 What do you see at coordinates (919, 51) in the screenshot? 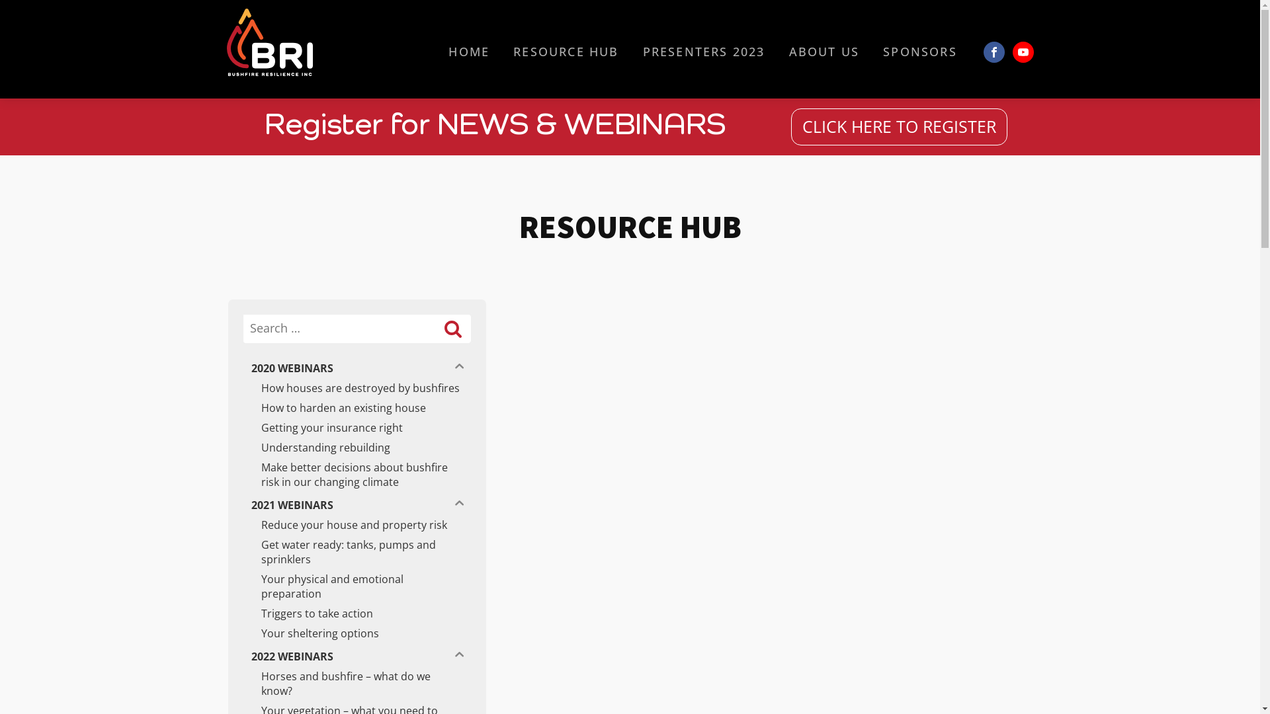
I see `'SPONSORS'` at bounding box center [919, 51].